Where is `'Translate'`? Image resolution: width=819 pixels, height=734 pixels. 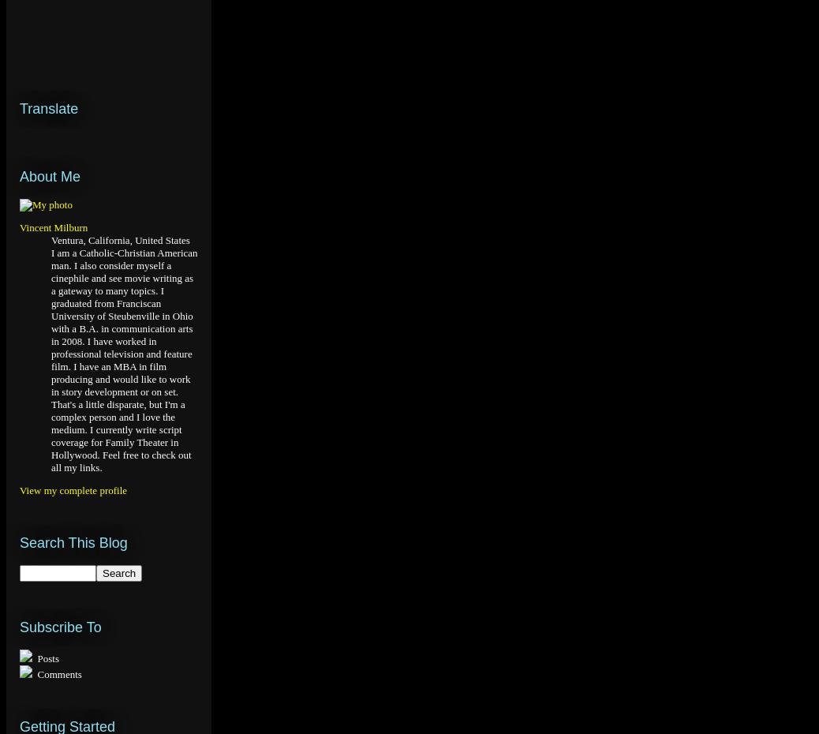 'Translate' is located at coordinates (19, 107).